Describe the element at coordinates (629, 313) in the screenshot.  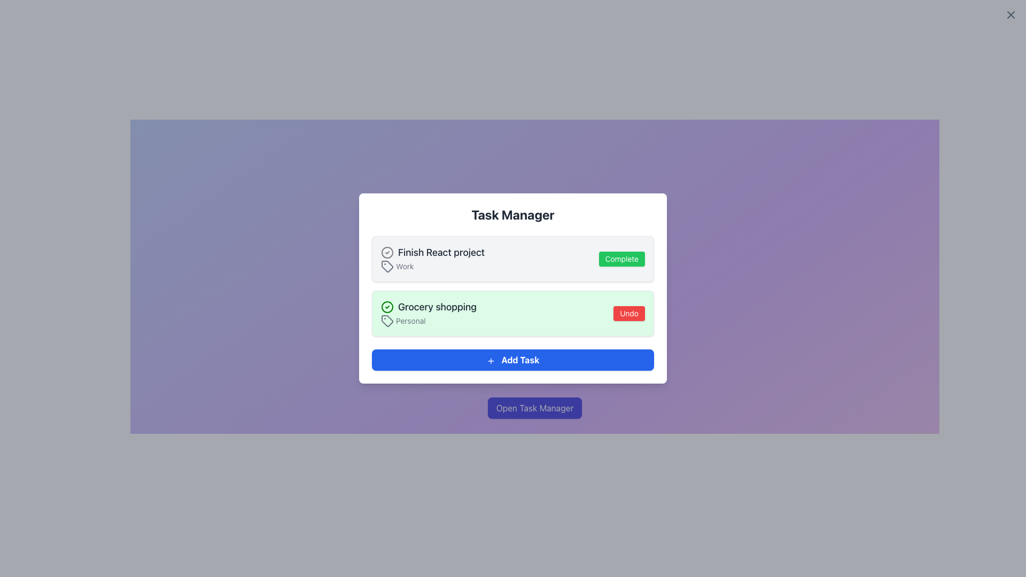
I see `the undo button for the 'Grocery shopping' task` at that location.